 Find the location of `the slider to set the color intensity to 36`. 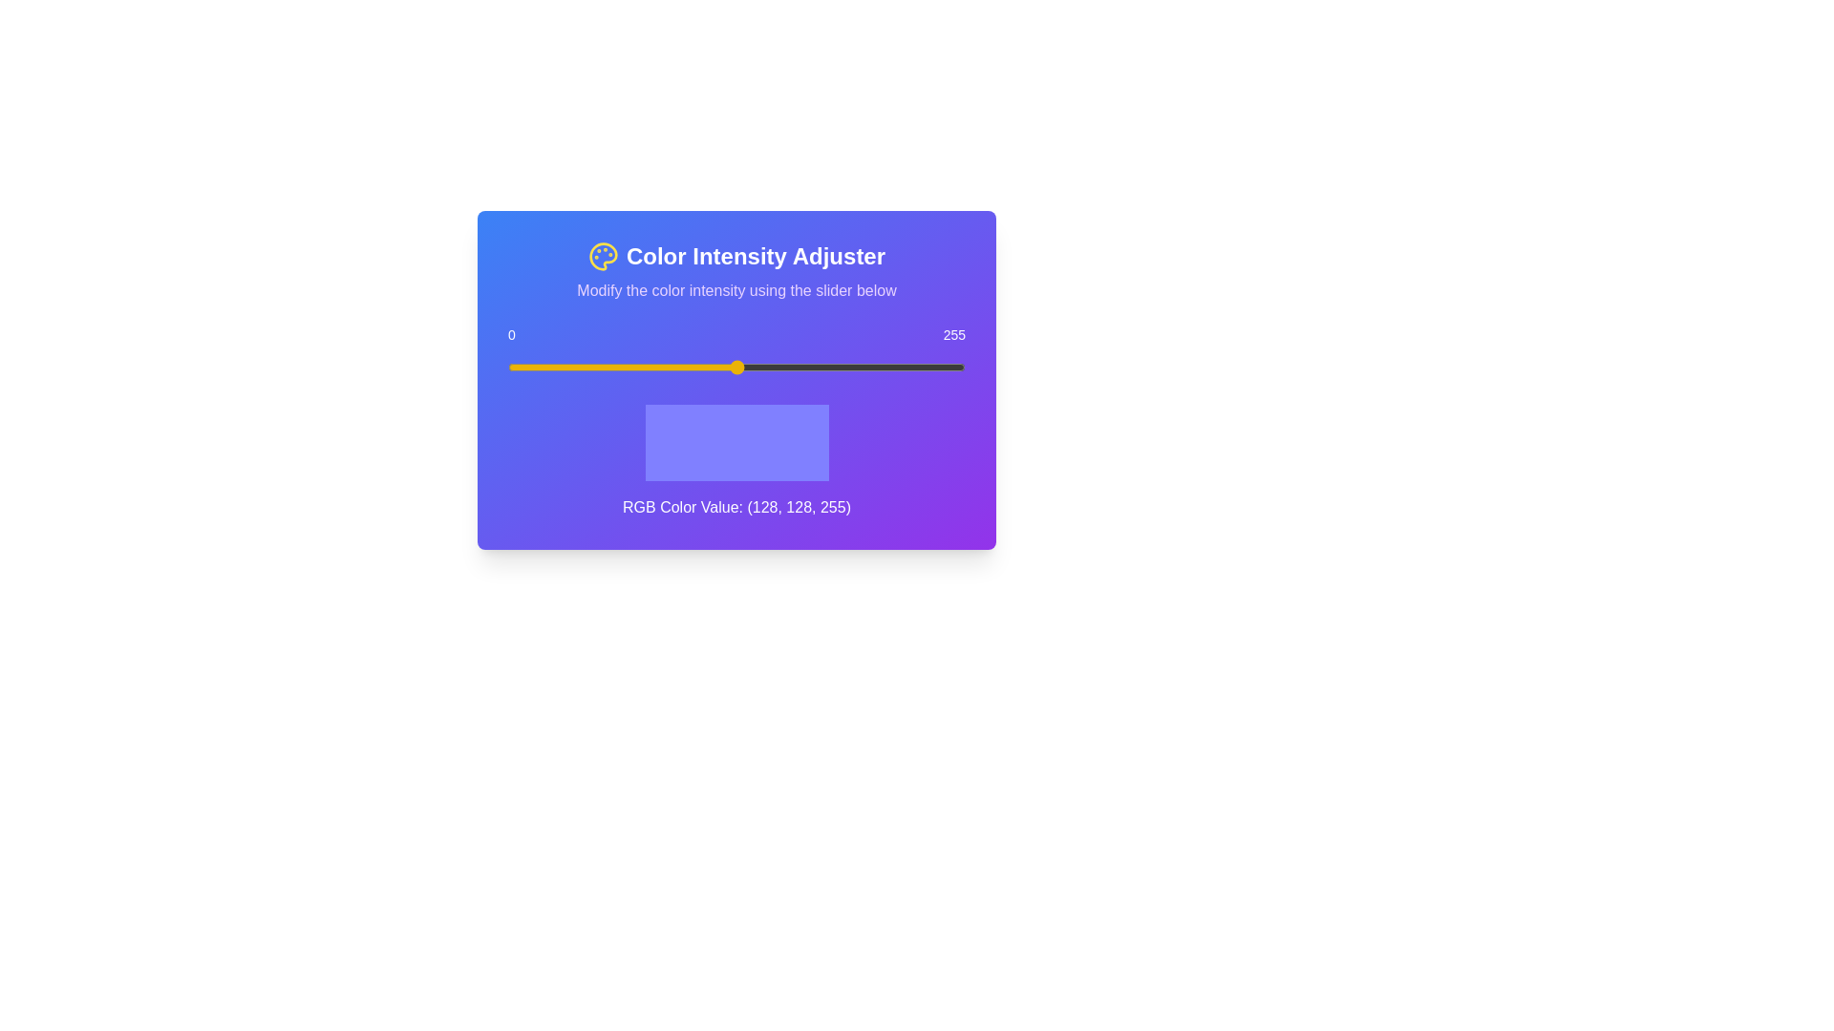

the slider to set the color intensity to 36 is located at coordinates (571, 368).